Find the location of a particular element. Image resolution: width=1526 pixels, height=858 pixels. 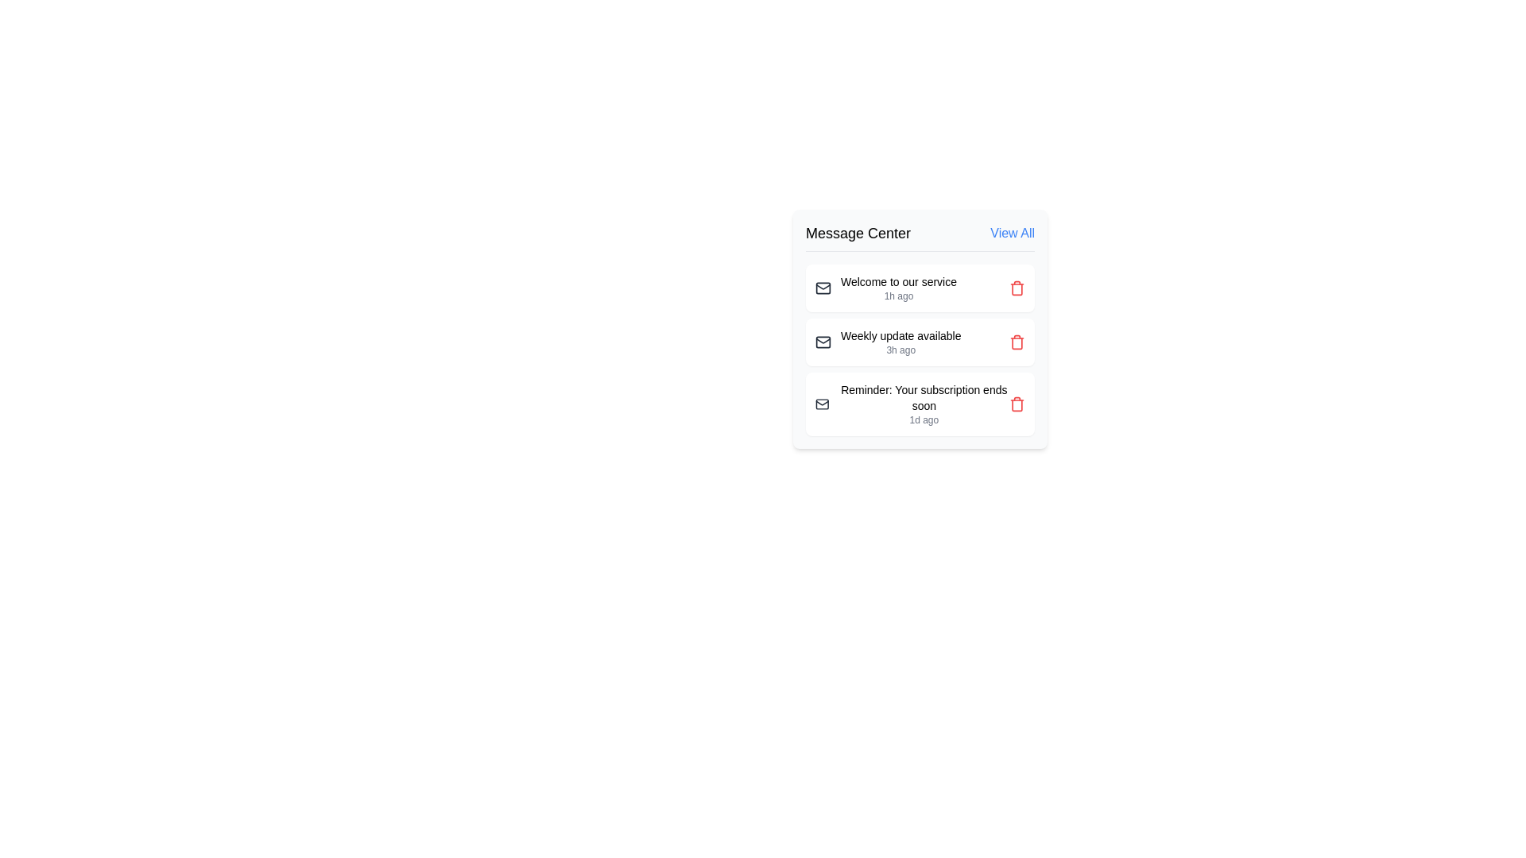

the small red trash-bin icon button located at the right-hand side of the 'Weekly update available' notification card to check for a tooltip is located at coordinates (1017, 342).